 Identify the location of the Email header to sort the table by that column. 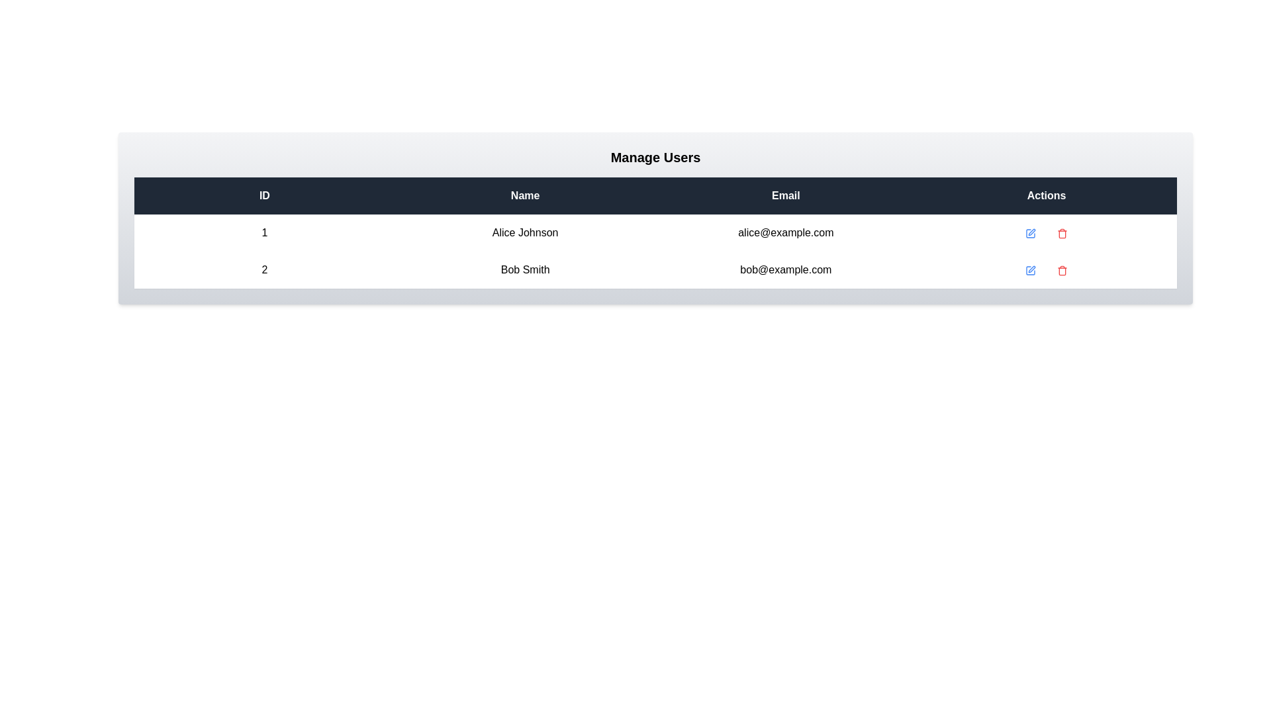
(786, 196).